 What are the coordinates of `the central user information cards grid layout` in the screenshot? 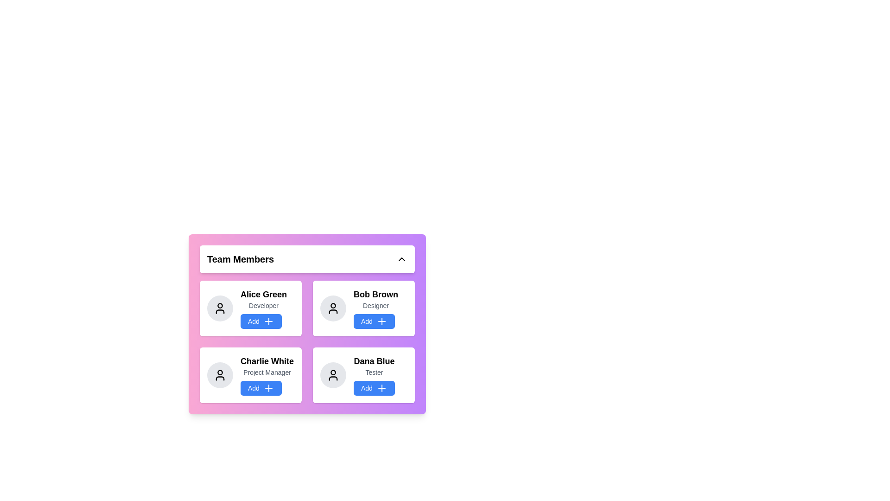 It's located at (307, 323).